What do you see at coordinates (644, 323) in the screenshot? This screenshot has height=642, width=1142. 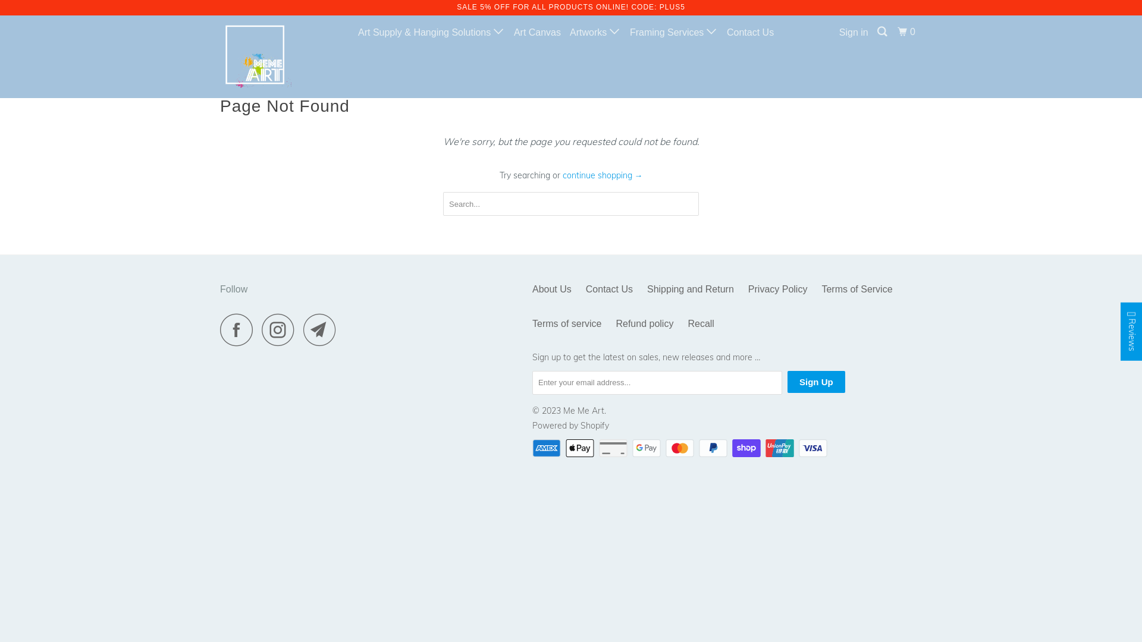 I see `'Refund policy'` at bounding box center [644, 323].